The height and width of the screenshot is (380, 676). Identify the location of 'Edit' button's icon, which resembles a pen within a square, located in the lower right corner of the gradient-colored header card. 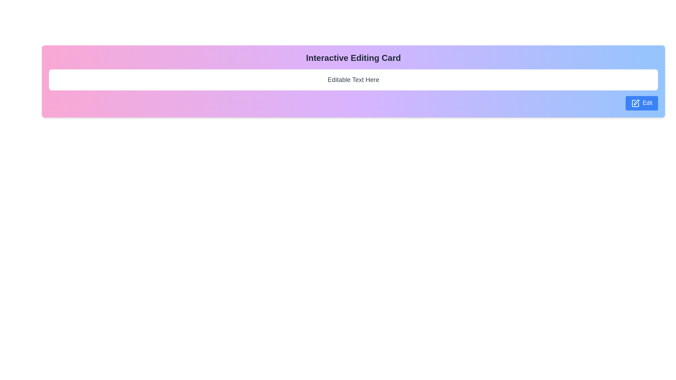
(636, 103).